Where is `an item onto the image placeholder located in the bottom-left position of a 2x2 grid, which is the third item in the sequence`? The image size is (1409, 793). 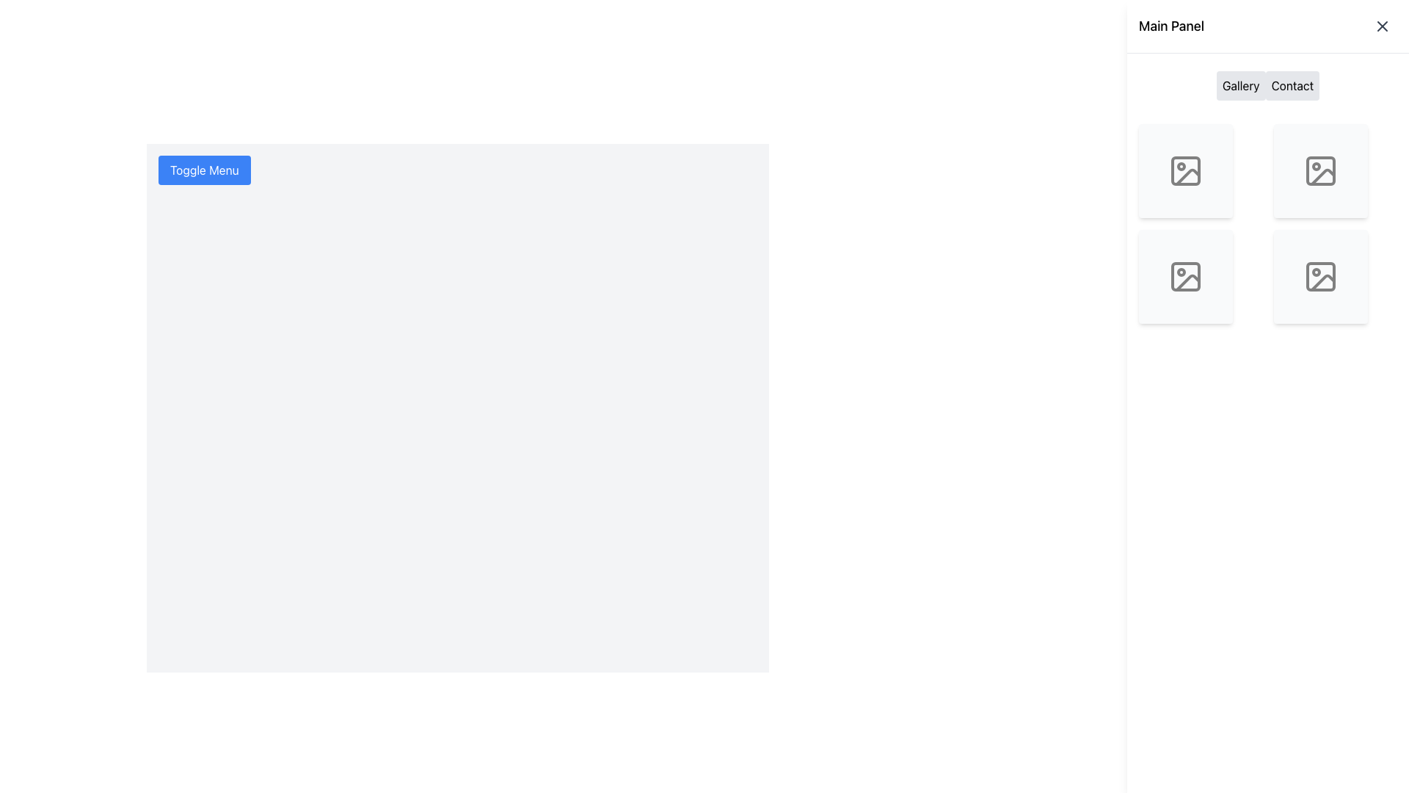 an item onto the image placeholder located in the bottom-left position of a 2x2 grid, which is the third item in the sequence is located at coordinates (1186, 277).